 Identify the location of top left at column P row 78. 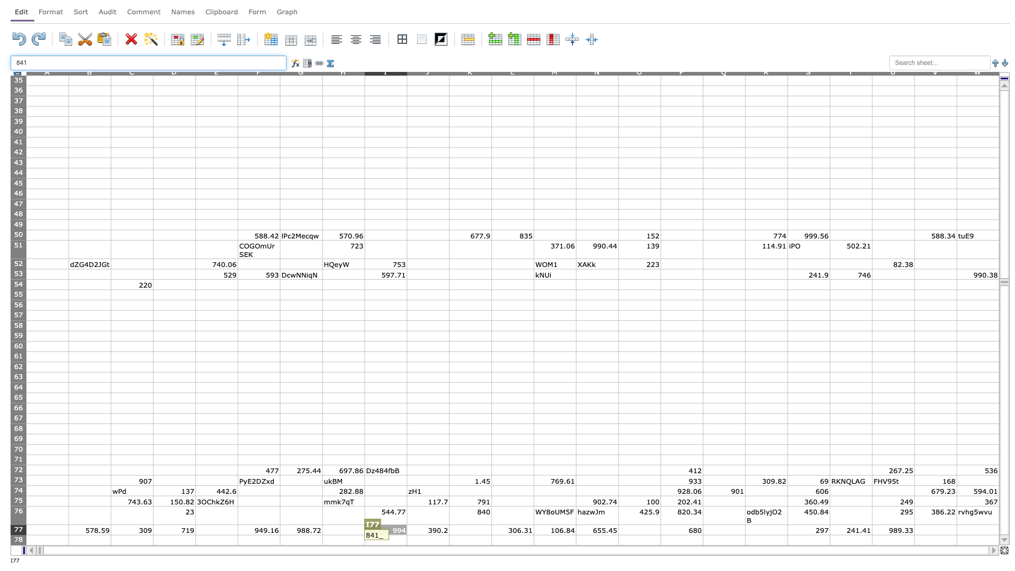
(660, 535).